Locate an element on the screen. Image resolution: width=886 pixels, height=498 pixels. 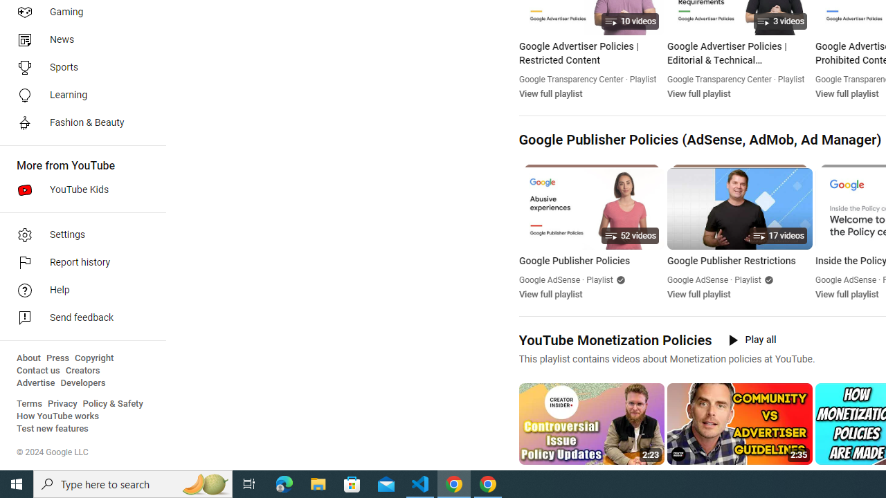
'Play all' is located at coordinates (751, 340).